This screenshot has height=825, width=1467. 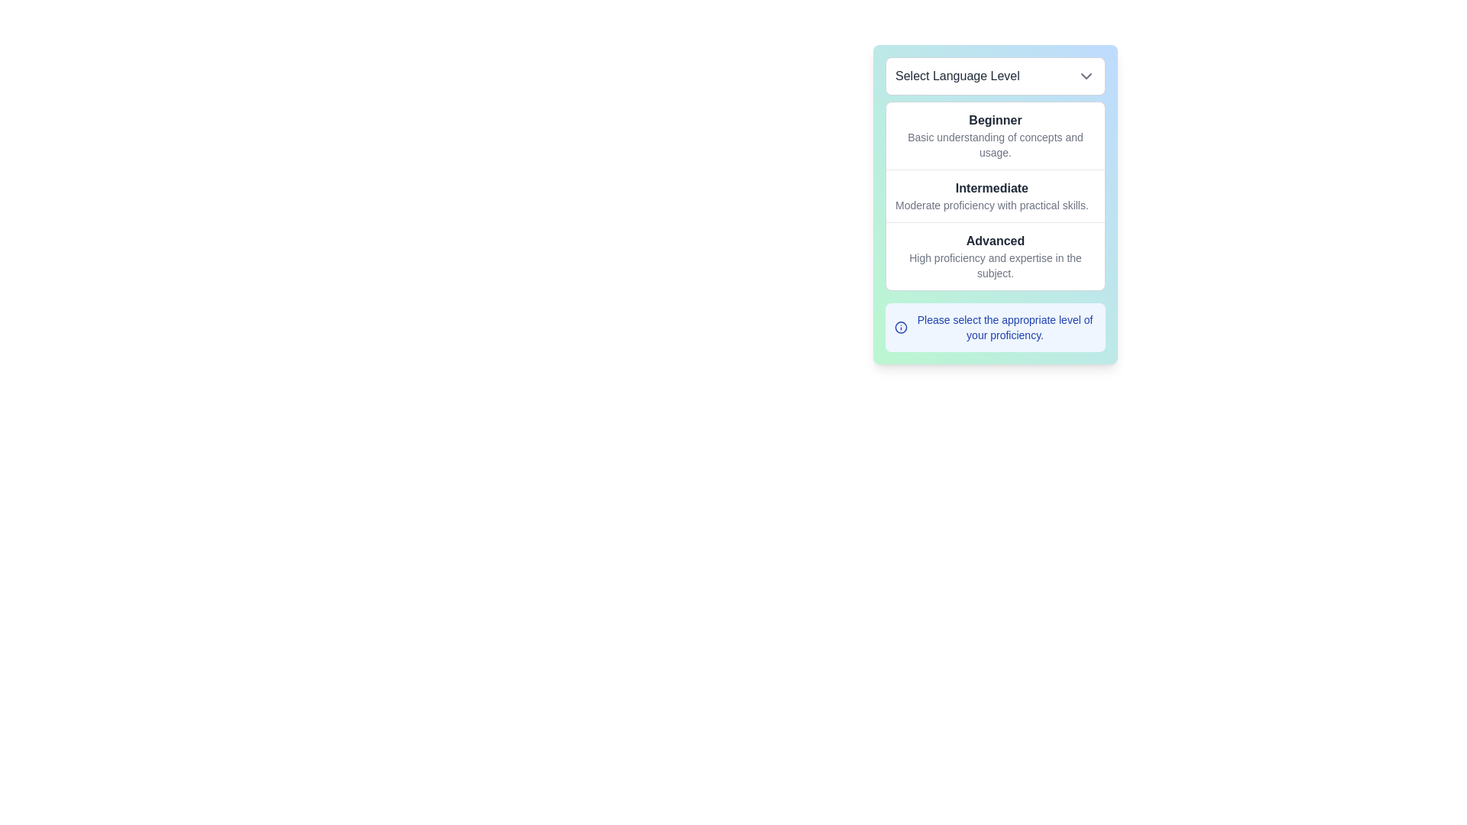 I want to click on the 'Intermediate' proficiency level selection menu item, which is the second entry in a vertically stacked menu of proficiency levels, so click(x=995, y=194).